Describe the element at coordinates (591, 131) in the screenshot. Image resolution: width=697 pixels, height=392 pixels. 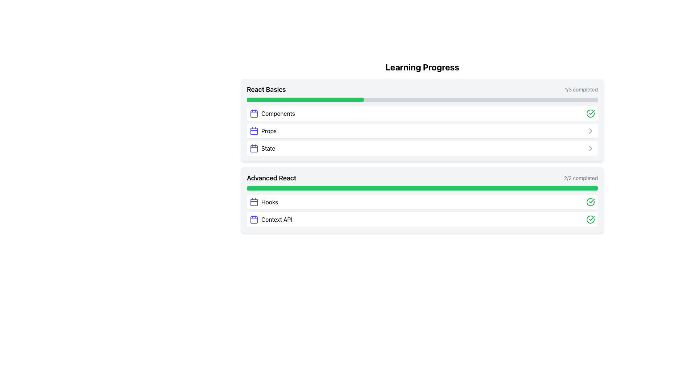
I see `the right-facing chevron icon styled in light gray located to the far right of the 'Props' item` at that location.